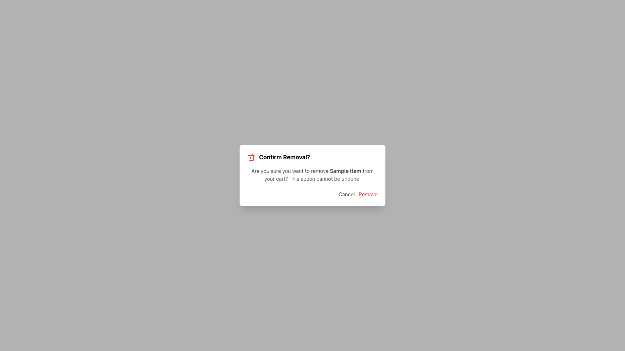 The image size is (625, 351). Describe the element at coordinates (251, 157) in the screenshot. I see `the delete icon located to the left of the text 'Confirm Removal?' in the modal dialog box` at that location.